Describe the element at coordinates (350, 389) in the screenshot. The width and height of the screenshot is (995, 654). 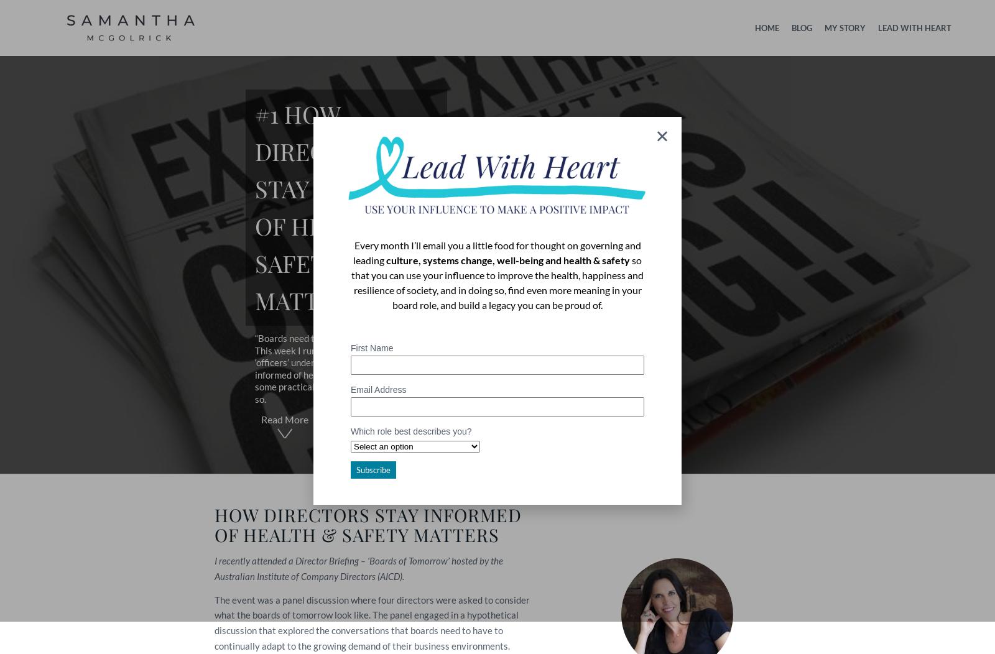
I see `'Email Address'` at that location.